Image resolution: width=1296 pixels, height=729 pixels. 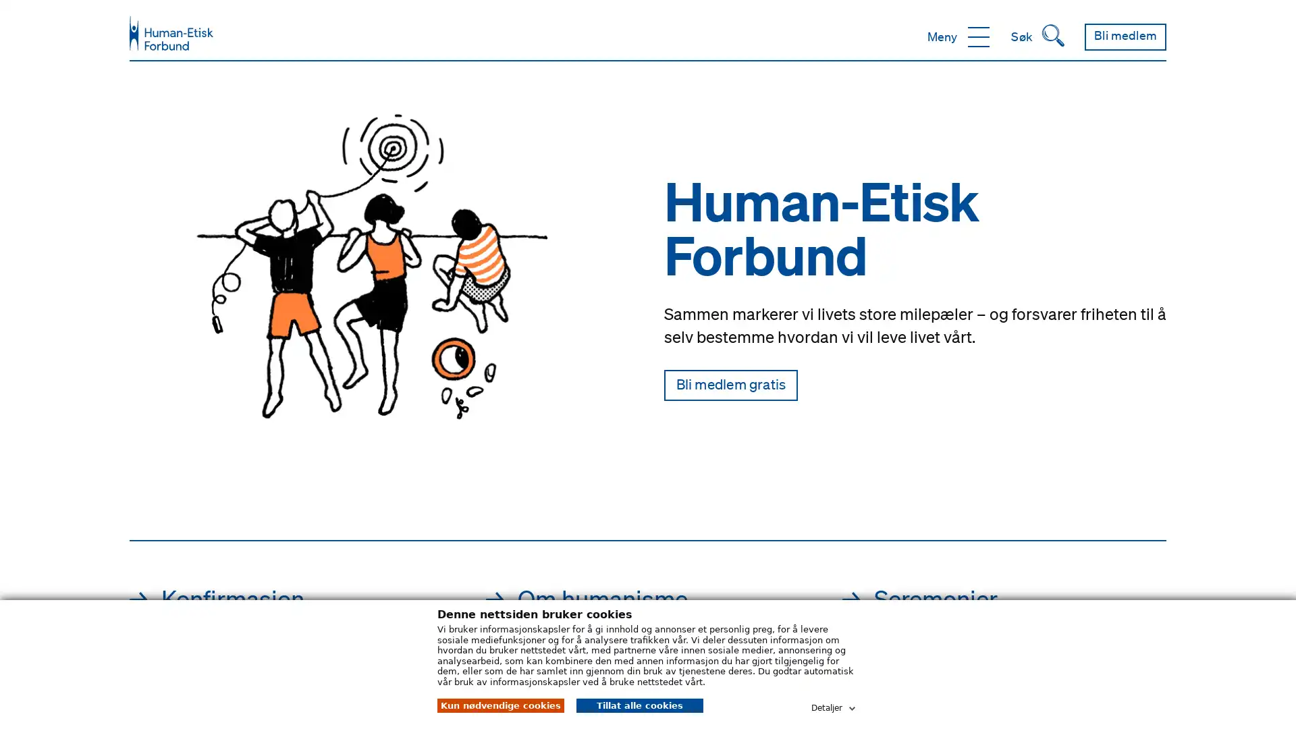 What do you see at coordinates (1037, 38) in the screenshot?
I see `Sk` at bounding box center [1037, 38].